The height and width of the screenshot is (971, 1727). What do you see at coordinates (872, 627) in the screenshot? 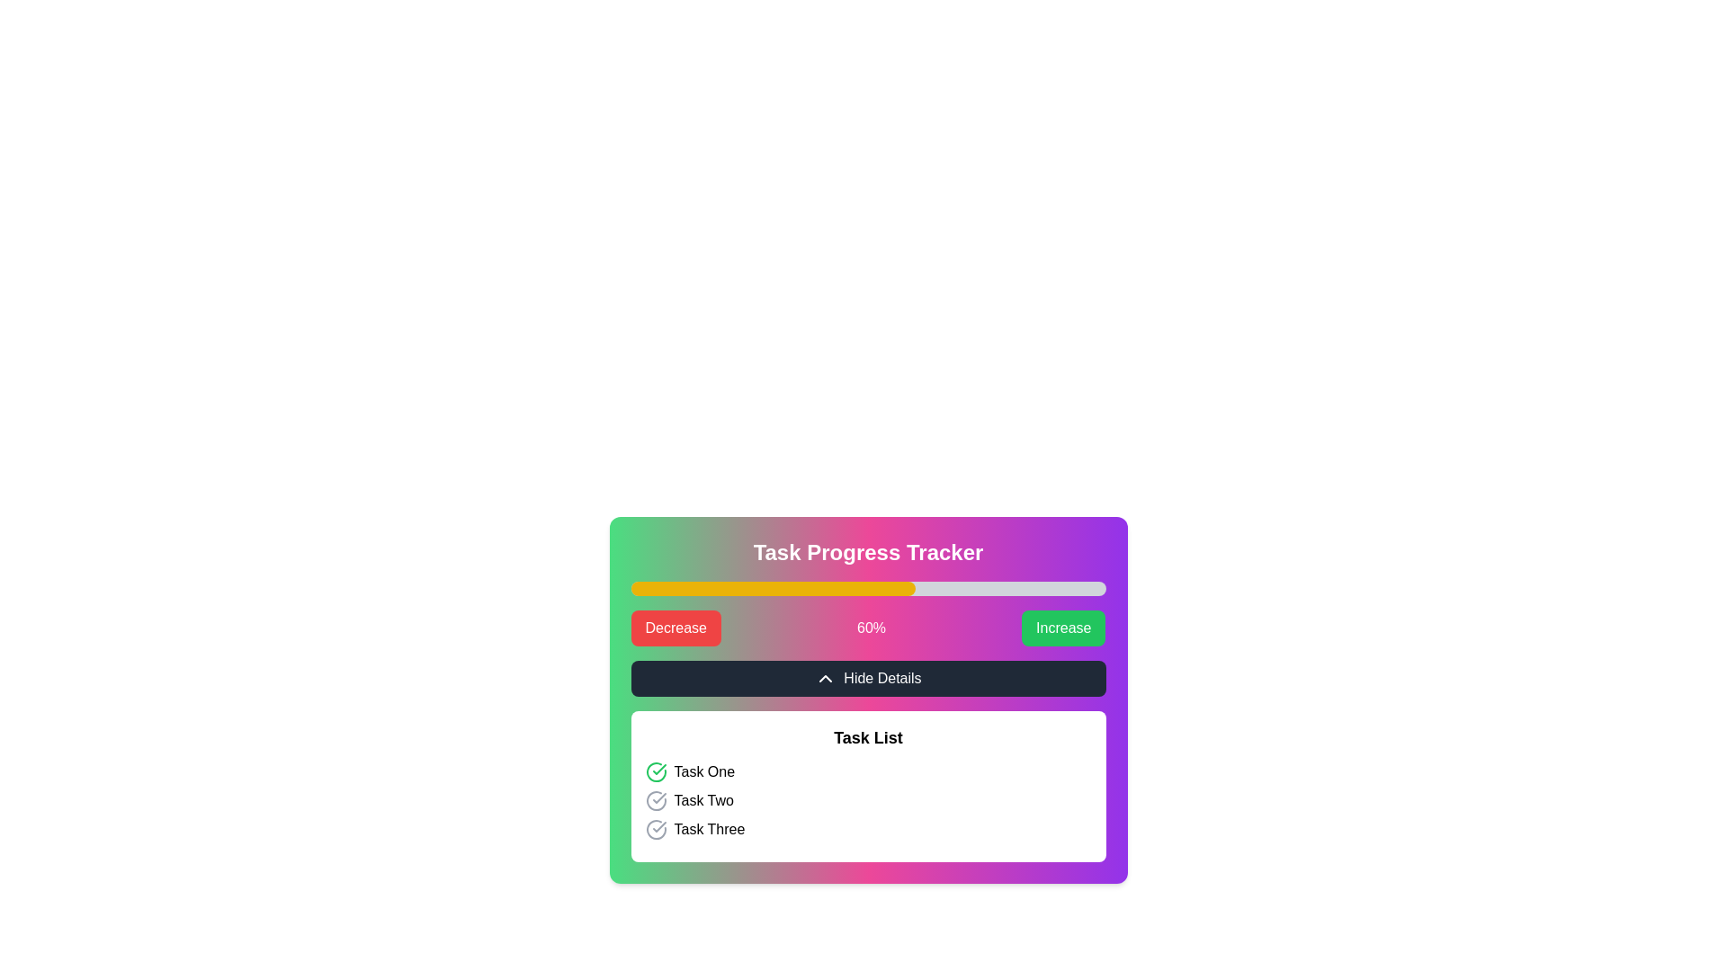
I see `the static text label that displays a percentage value, located horizontally between the 'Decrease' button on the left and the 'Increase' button on the right, slightly below a progress tracker and above the 'Hide Details' section` at bounding box center [872, 627].